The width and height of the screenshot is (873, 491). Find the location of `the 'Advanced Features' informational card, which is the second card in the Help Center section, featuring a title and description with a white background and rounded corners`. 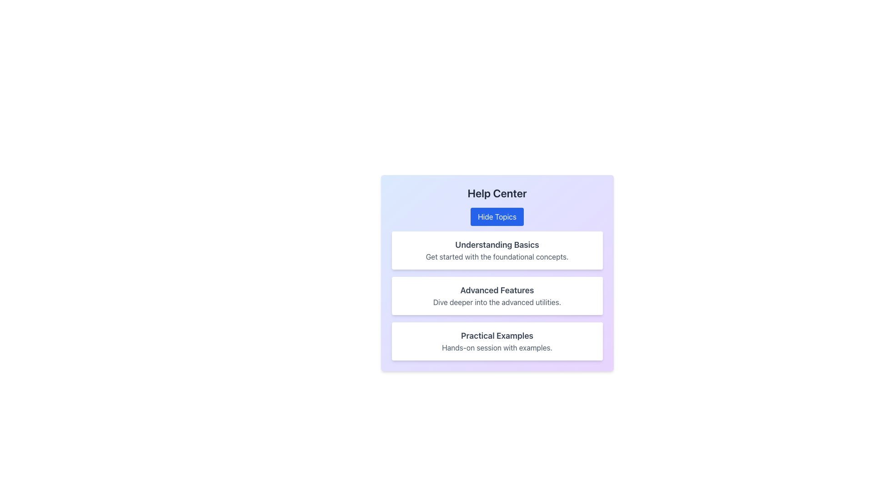

the 'Advanced Features' informational card, which is the second card in the Help Center section, featuring a title and description with a white background and rounded corners is located at coordinates (497, 296).